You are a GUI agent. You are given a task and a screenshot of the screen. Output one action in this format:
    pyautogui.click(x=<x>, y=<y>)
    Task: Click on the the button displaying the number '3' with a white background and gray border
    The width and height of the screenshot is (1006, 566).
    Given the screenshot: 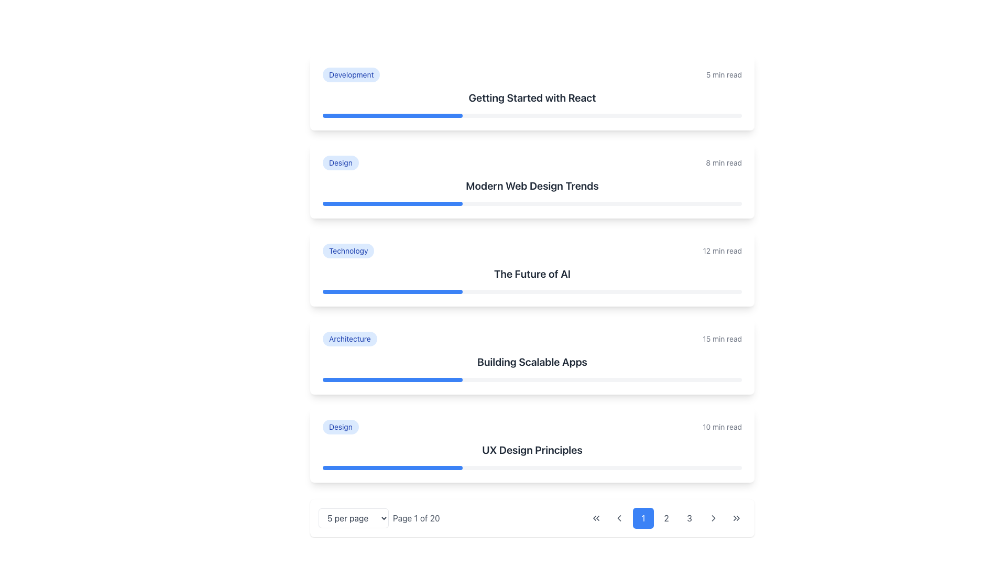 What is the action you would take?
    pyautogui.click(x=689, y=517)
    